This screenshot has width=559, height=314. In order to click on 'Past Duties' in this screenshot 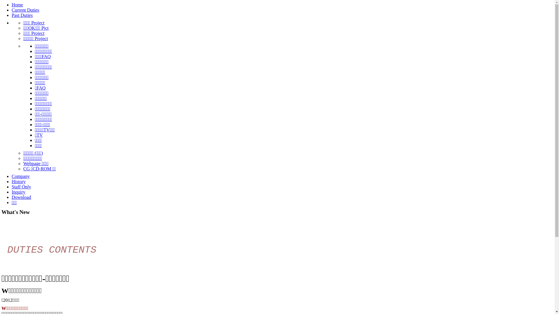, I will do `click(11, 15)`.